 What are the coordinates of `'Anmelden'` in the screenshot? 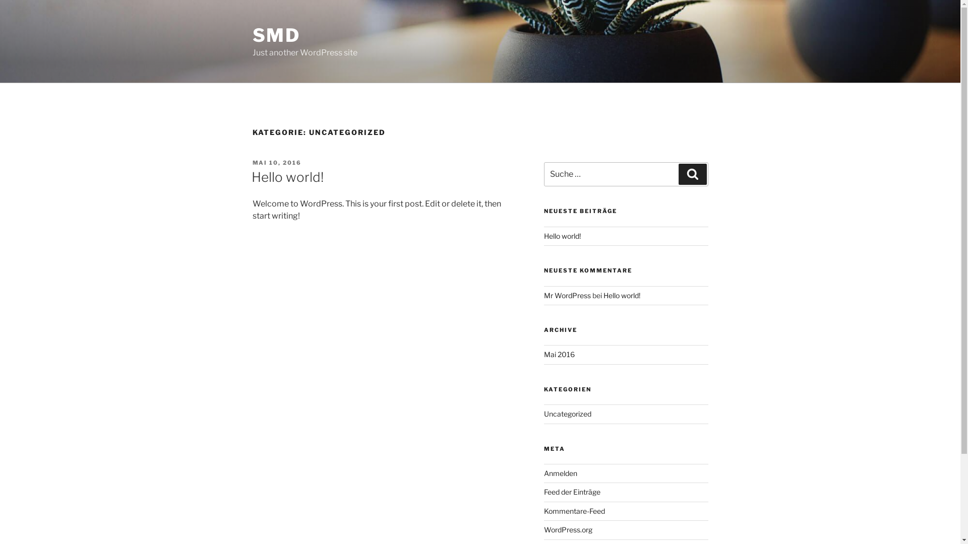 It's located at (560, 473).